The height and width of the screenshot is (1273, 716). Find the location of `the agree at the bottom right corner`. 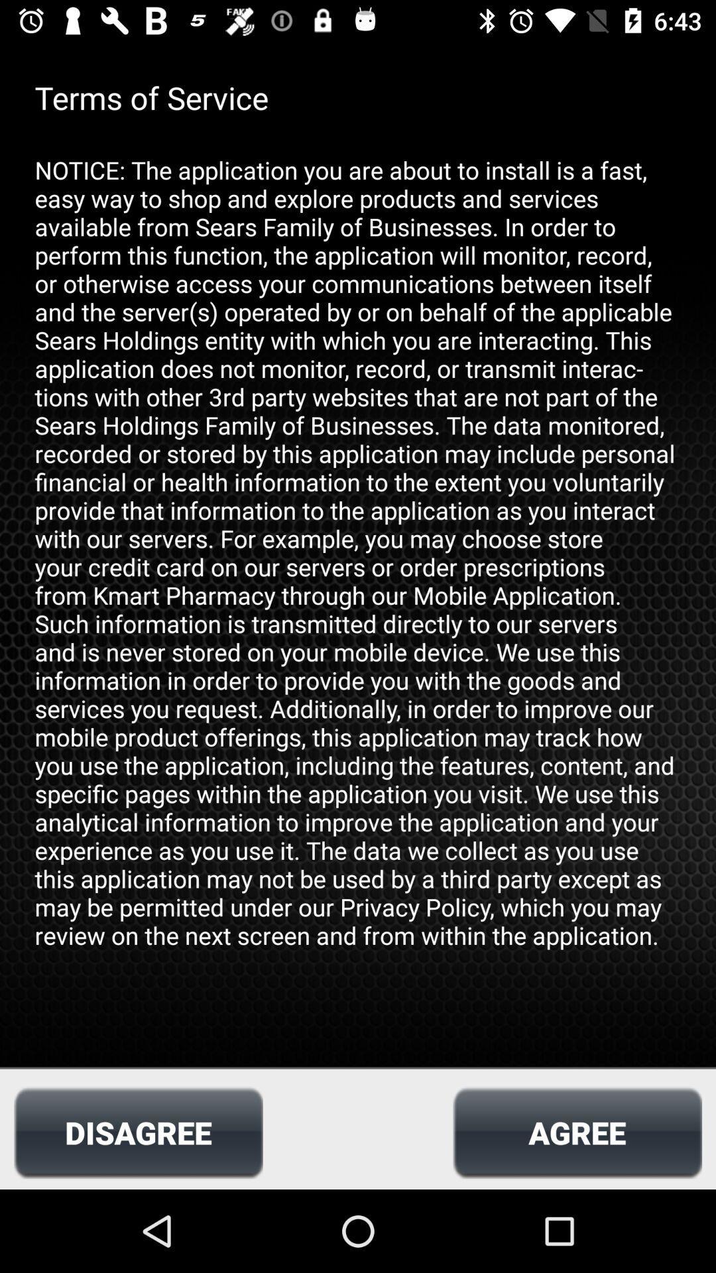

the agree at the bottom right corner is located at coordinates (577, 1132).